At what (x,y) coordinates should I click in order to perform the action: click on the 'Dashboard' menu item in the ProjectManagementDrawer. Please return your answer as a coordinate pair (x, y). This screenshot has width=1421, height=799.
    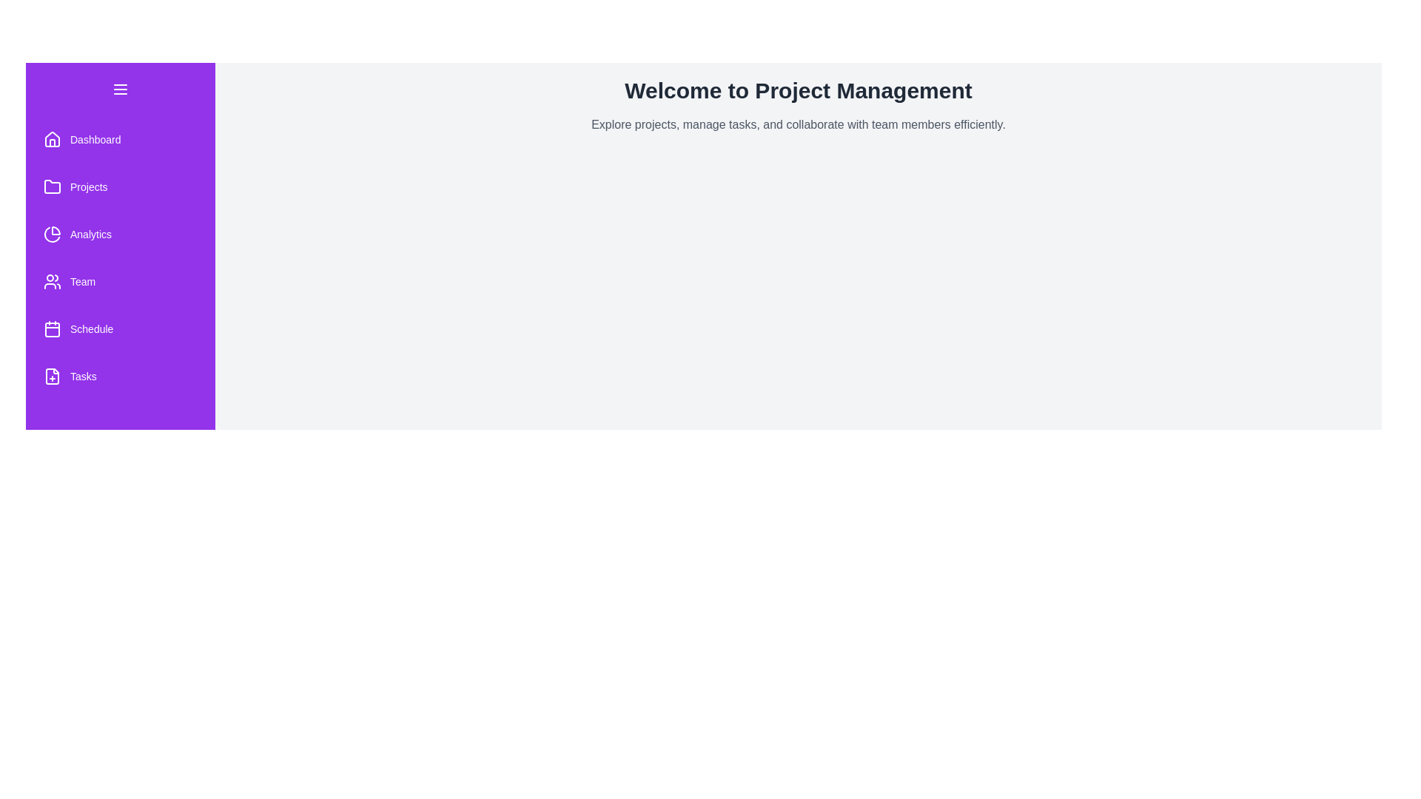
    Looking at the image, I should click on (121, 140).